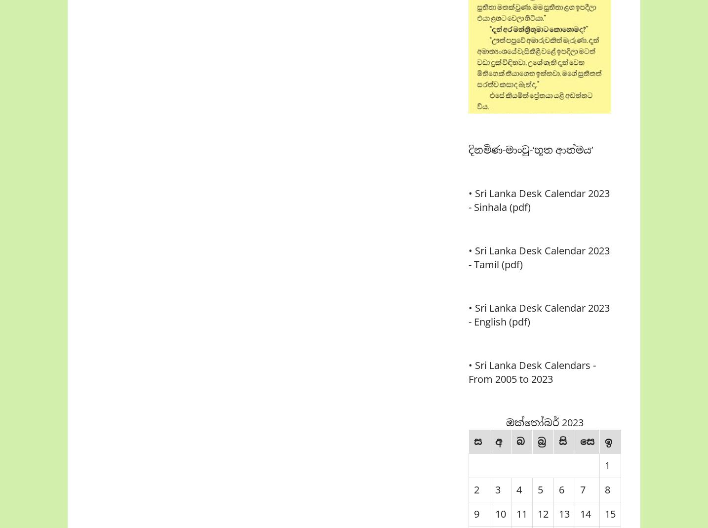 The image size is (708, 528). What do you see at coordinates (532, 372) in the screenshot?
I see `'• Sri Lanka Desk Calendars - From 2005 to 2023'` at bounding box center [532, 372].